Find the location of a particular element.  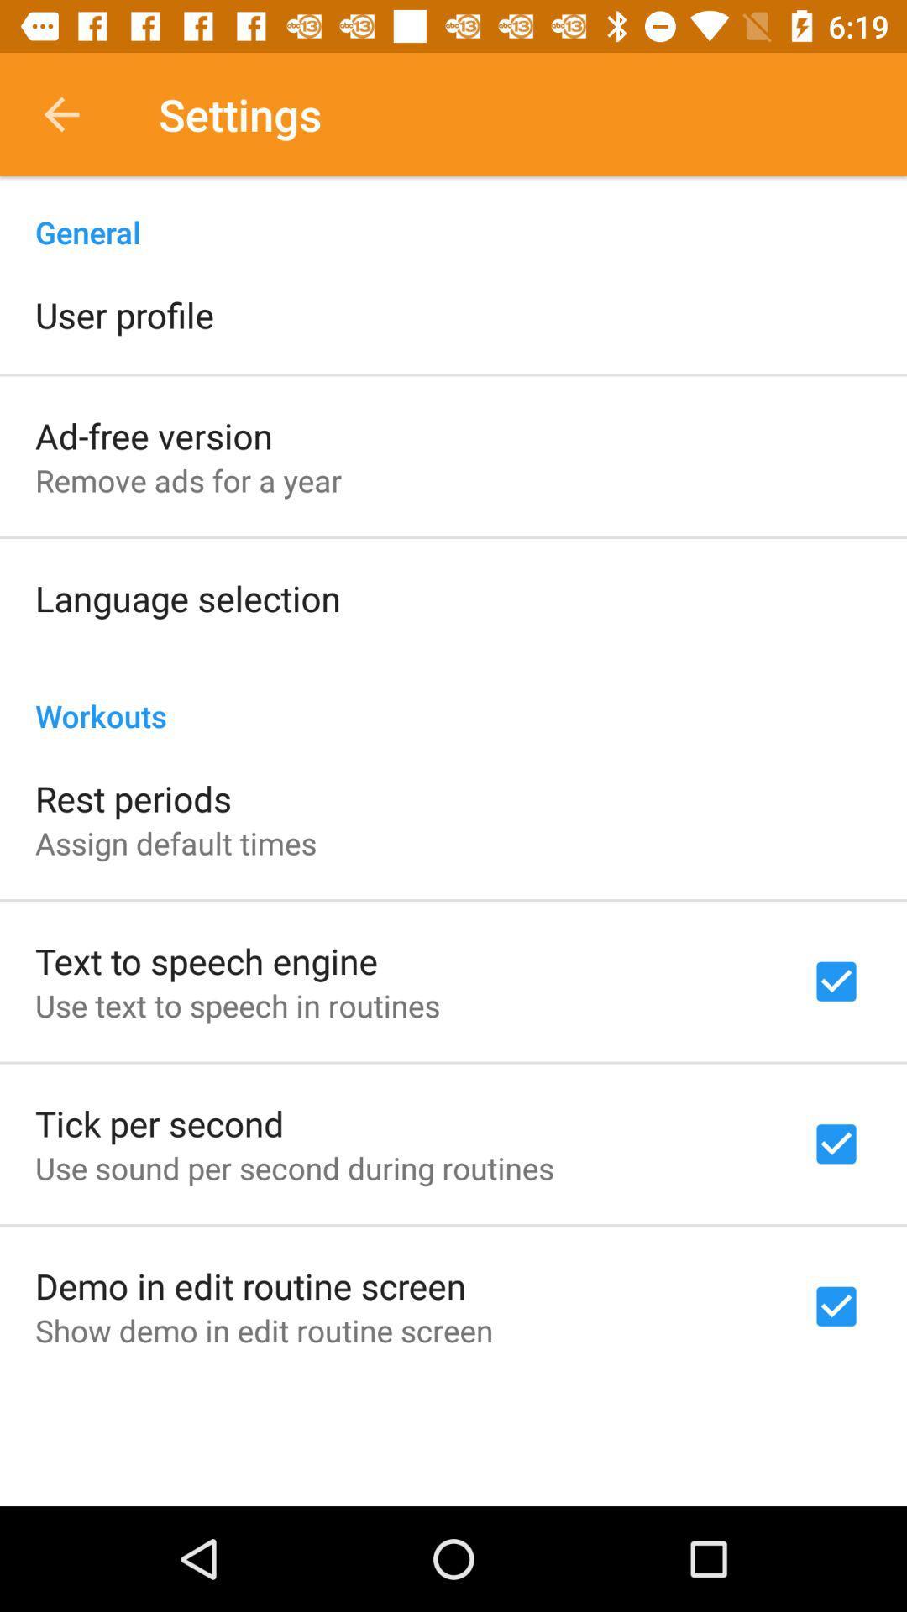

icon above the general item is located at coordinates (60, 113).